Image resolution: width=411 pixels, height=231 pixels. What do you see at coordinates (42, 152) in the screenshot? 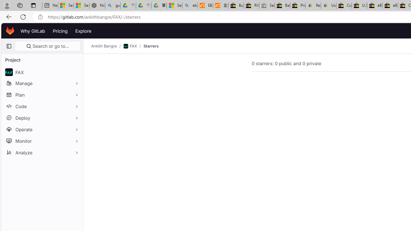
I see `'Analyze'` at bounding box center [42, 152].